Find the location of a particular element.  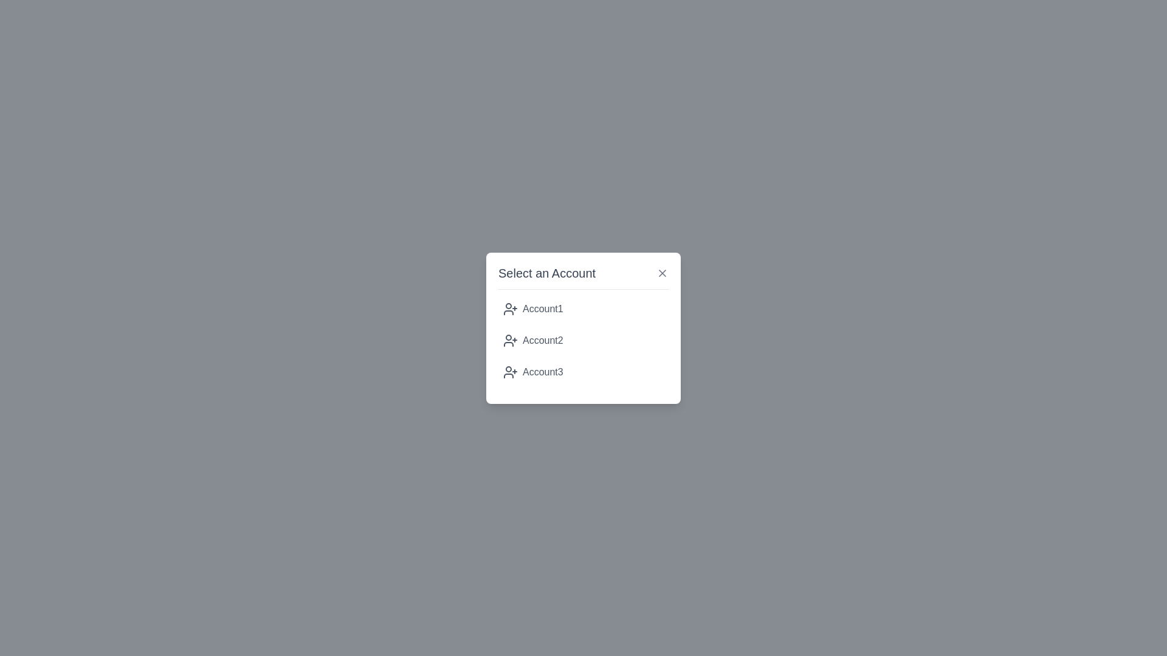

the list item corresponding to Account3 to observe the hover effect is located at coordinates (583, 371).